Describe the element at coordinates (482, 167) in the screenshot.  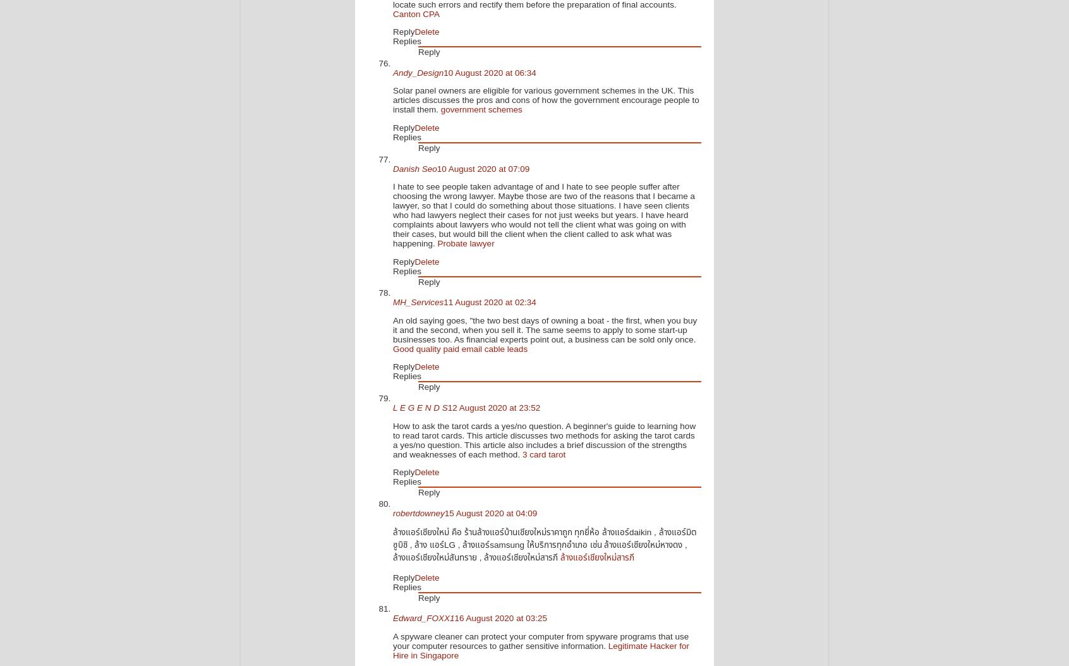
I see `'10 August 2020 at 07:09'` at that location.